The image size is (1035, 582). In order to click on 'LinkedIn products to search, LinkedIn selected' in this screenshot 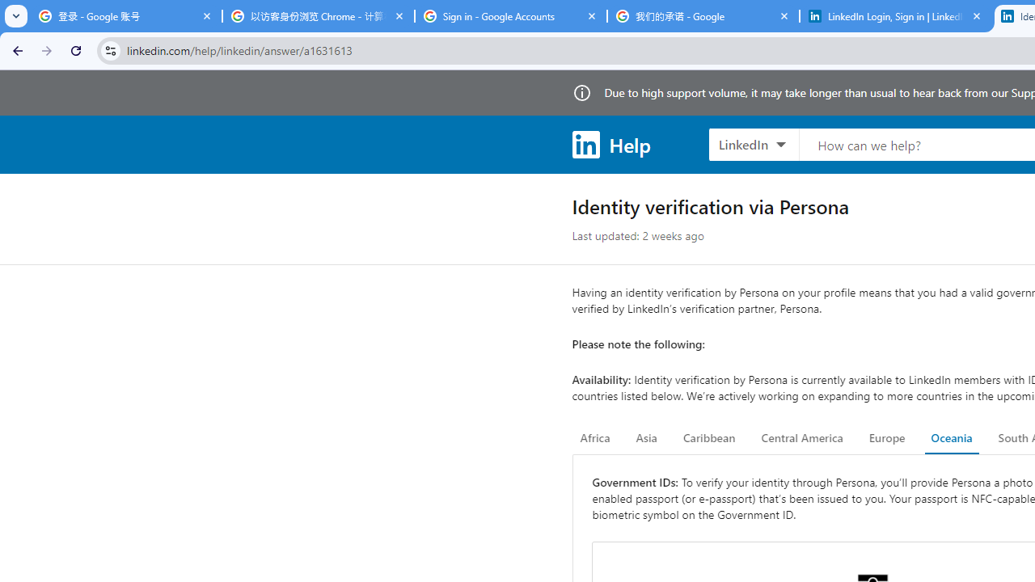, I will do `click(753, 143)`.